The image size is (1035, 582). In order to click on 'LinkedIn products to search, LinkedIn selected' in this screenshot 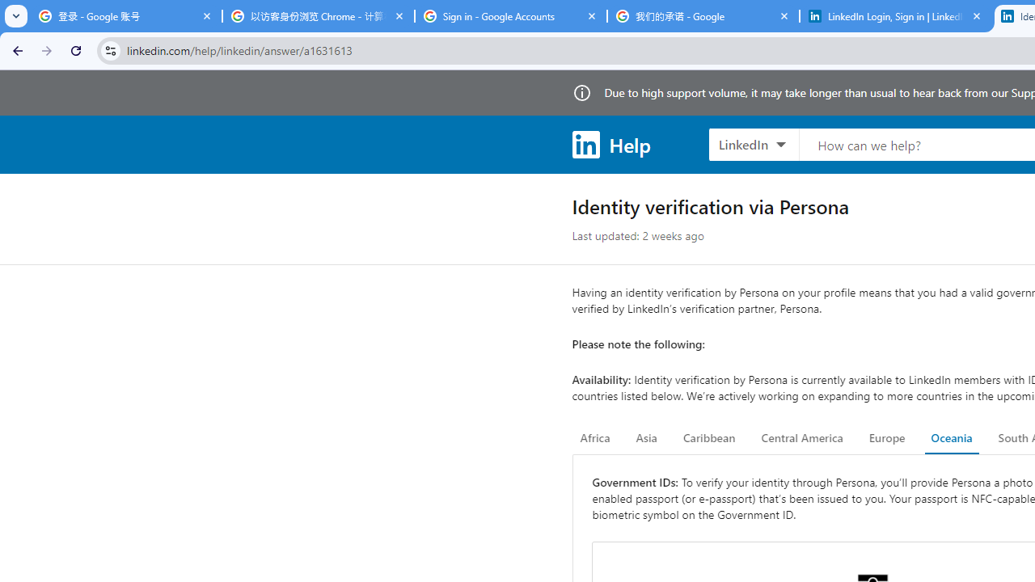, I will do `click(753, 143)`.